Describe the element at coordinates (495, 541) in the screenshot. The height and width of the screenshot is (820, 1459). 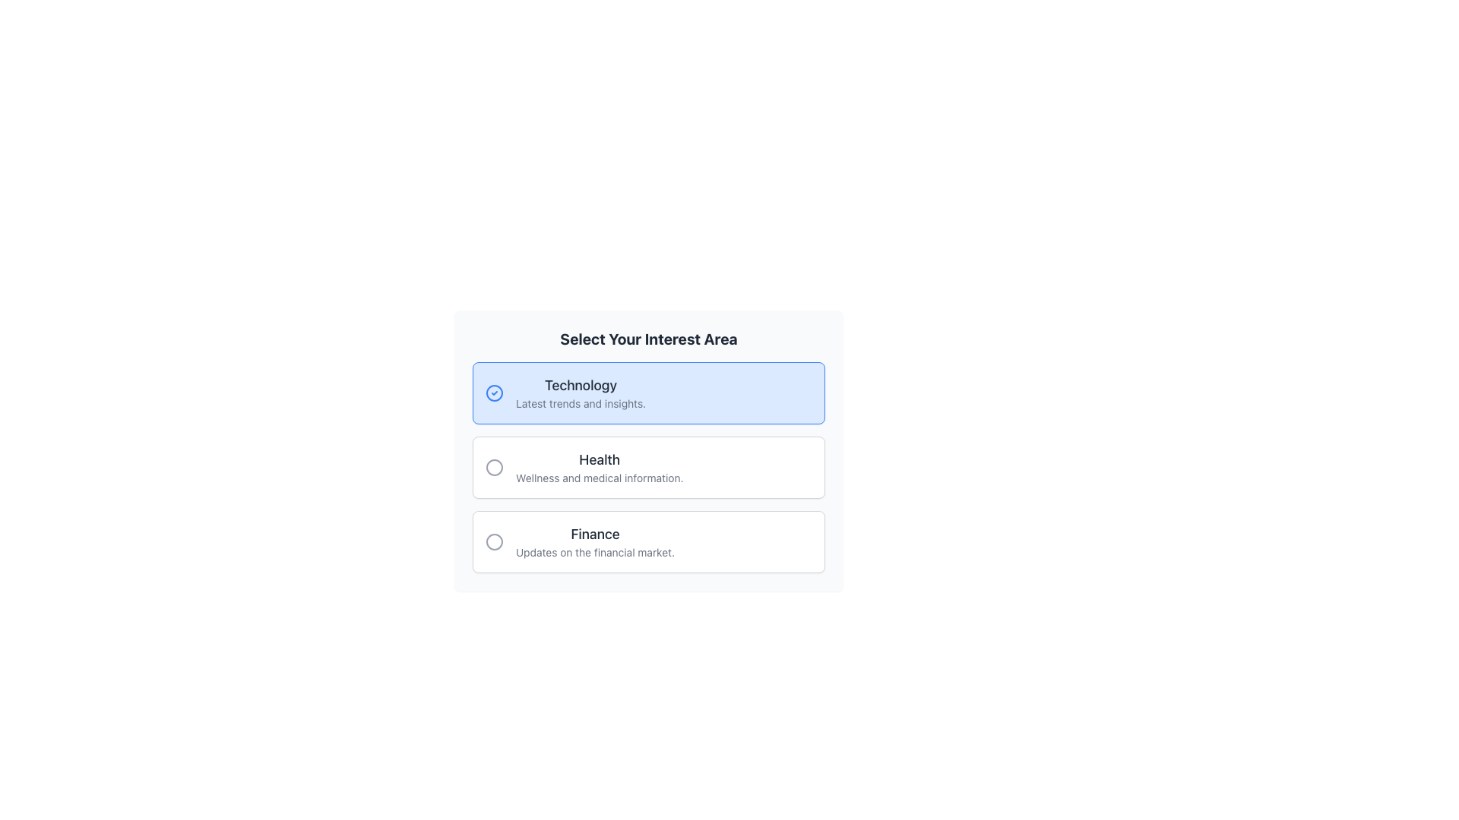
I see `the unselected radio button for the 'Finance' option` at that location.